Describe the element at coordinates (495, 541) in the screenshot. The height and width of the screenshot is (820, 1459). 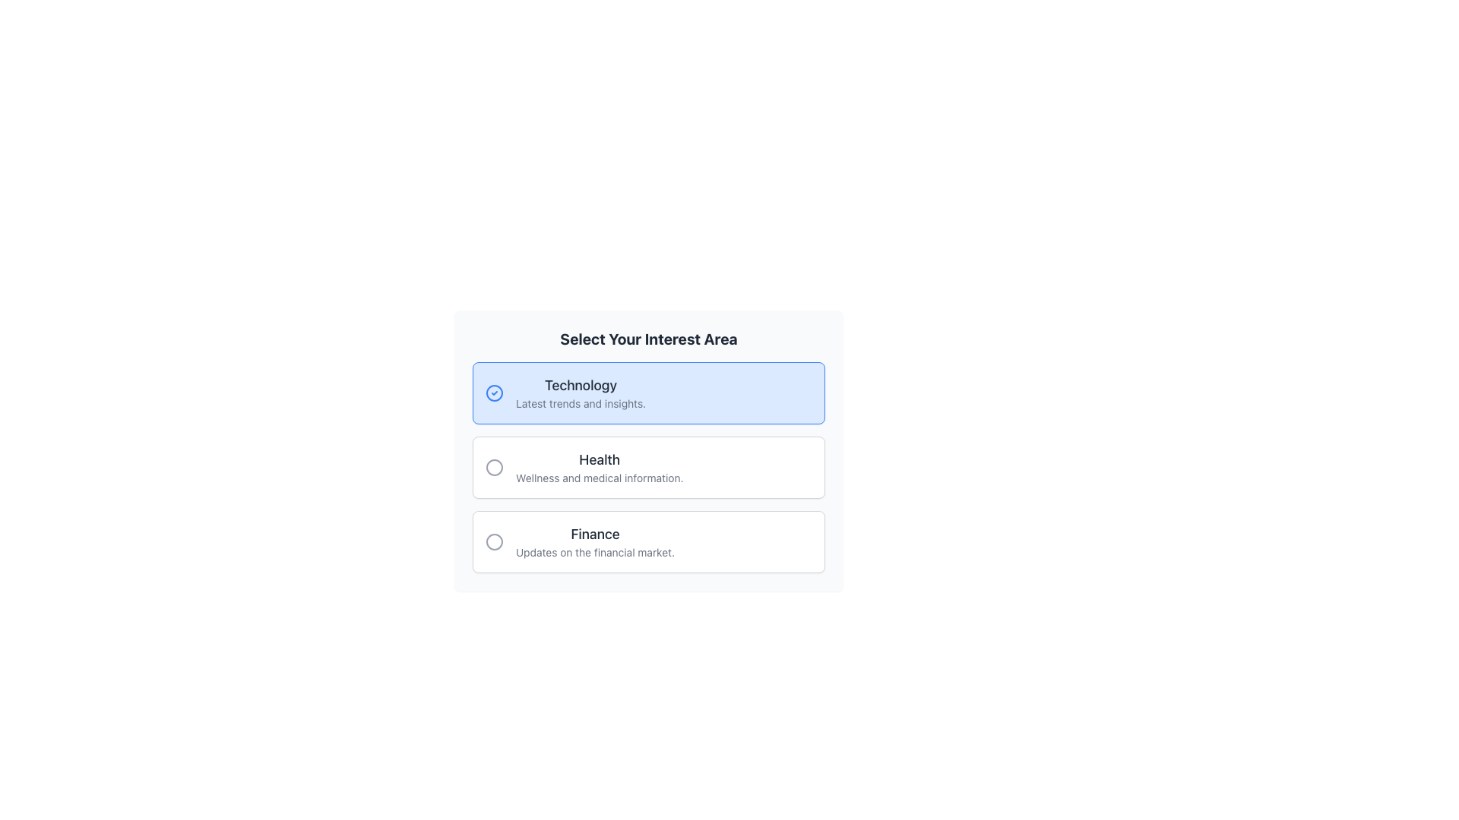
I see `the unselected radio button for the 'Finance' option` at that location.